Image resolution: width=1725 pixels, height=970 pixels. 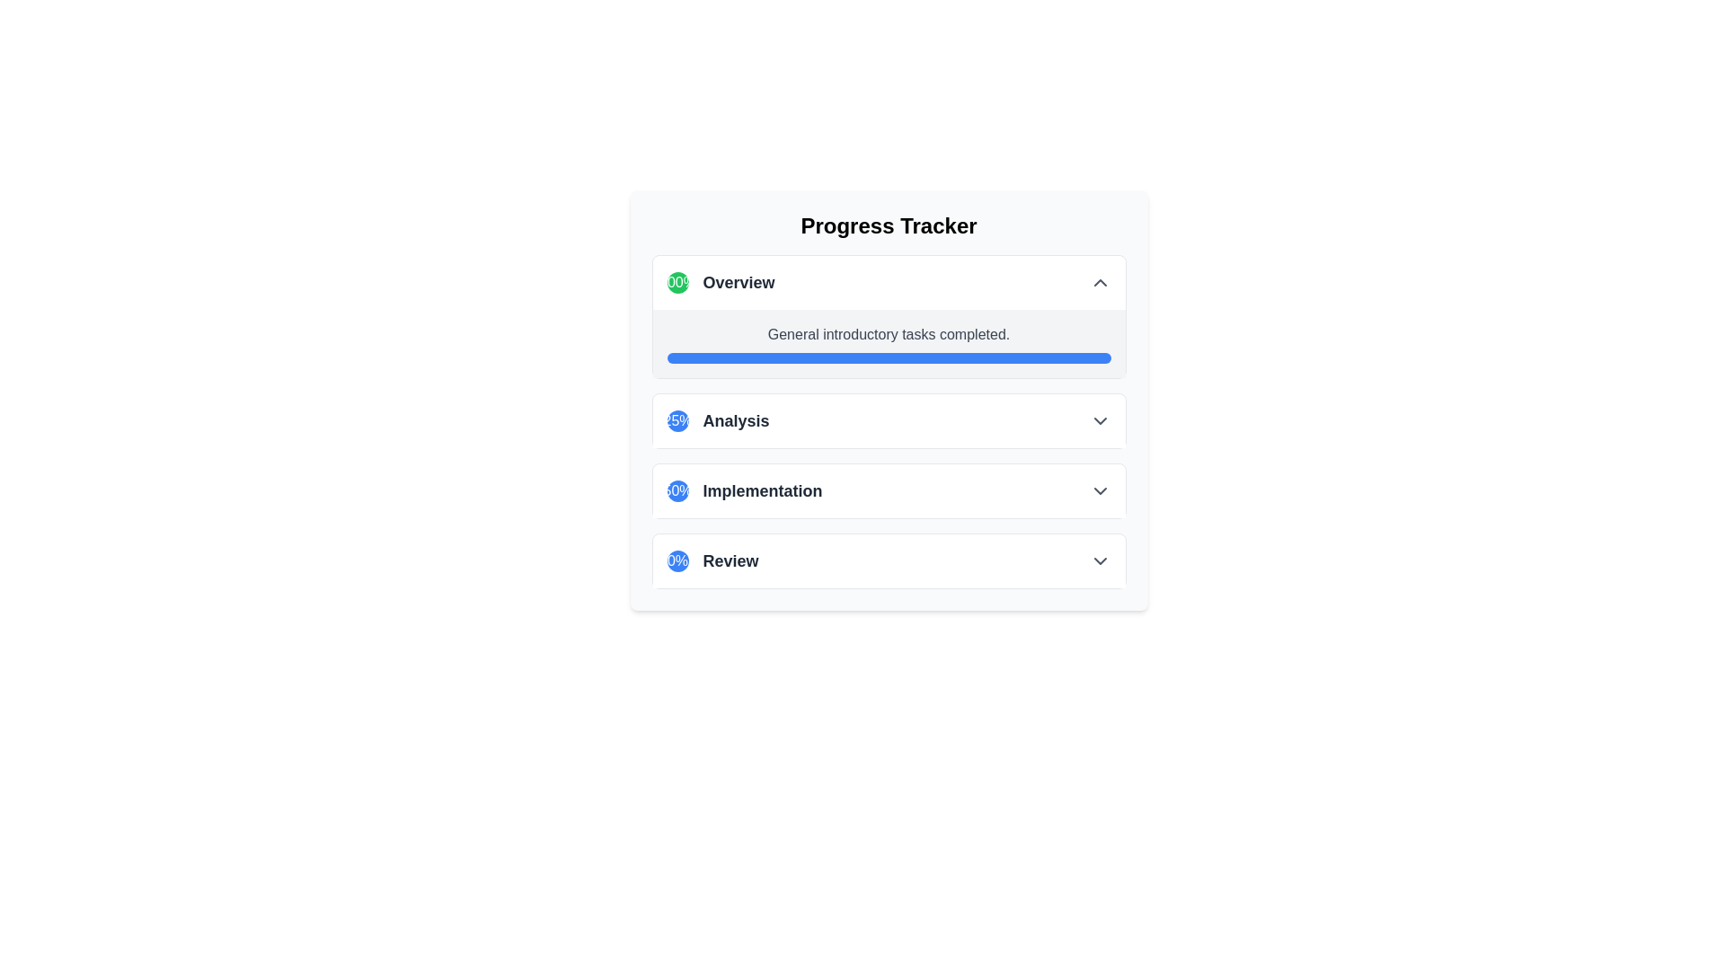 What do you see at coordinates (889, 225) in the screenshot?
I see `the text heading at the top of the progress tracker interface, which serves as a title indicating its purpose and context to the user` at bounding box center [889, 225].